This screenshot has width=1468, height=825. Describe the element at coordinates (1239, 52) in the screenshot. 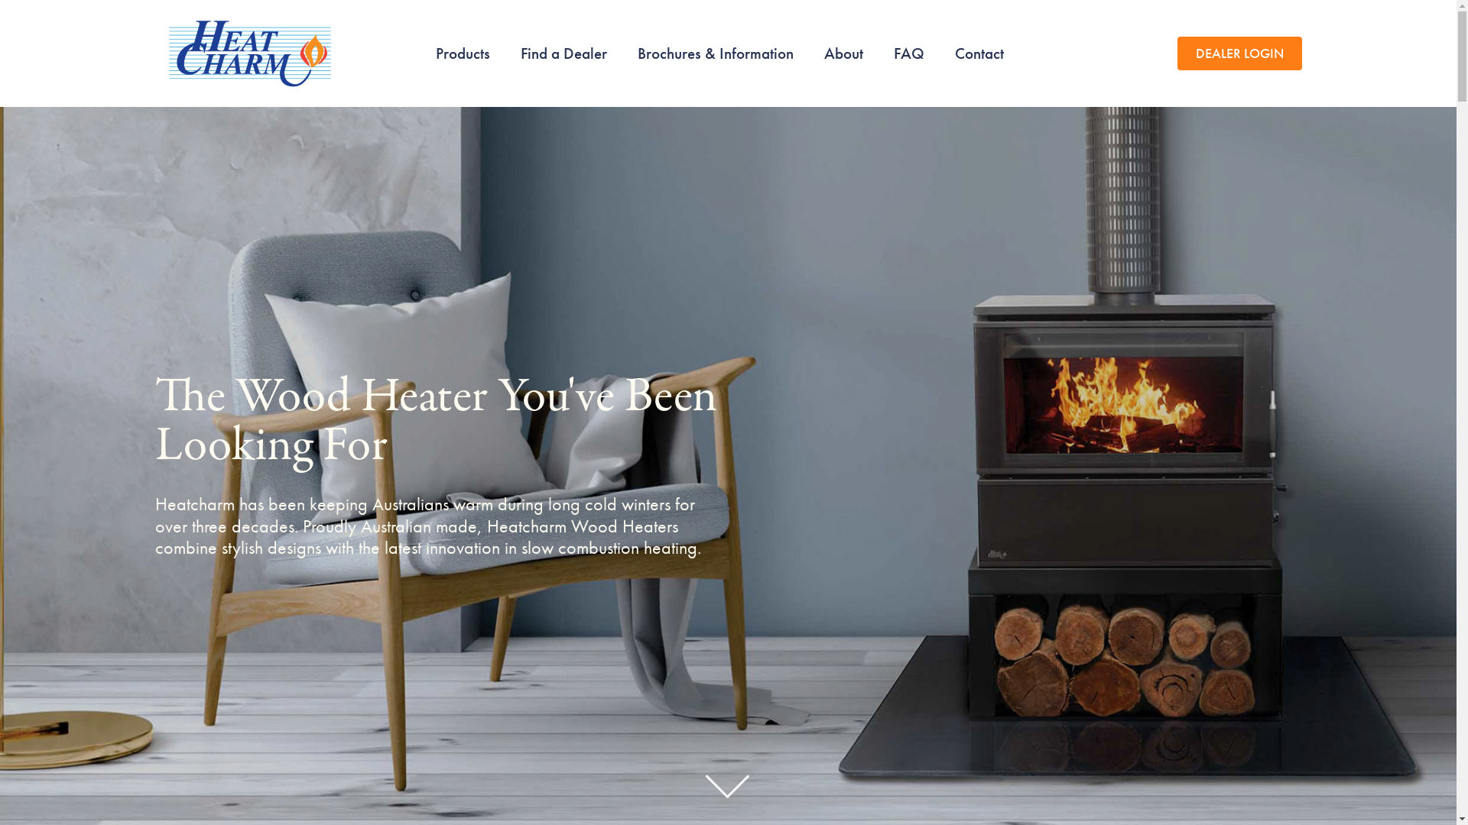

I see `'DEALER LOGIN'` at that location.